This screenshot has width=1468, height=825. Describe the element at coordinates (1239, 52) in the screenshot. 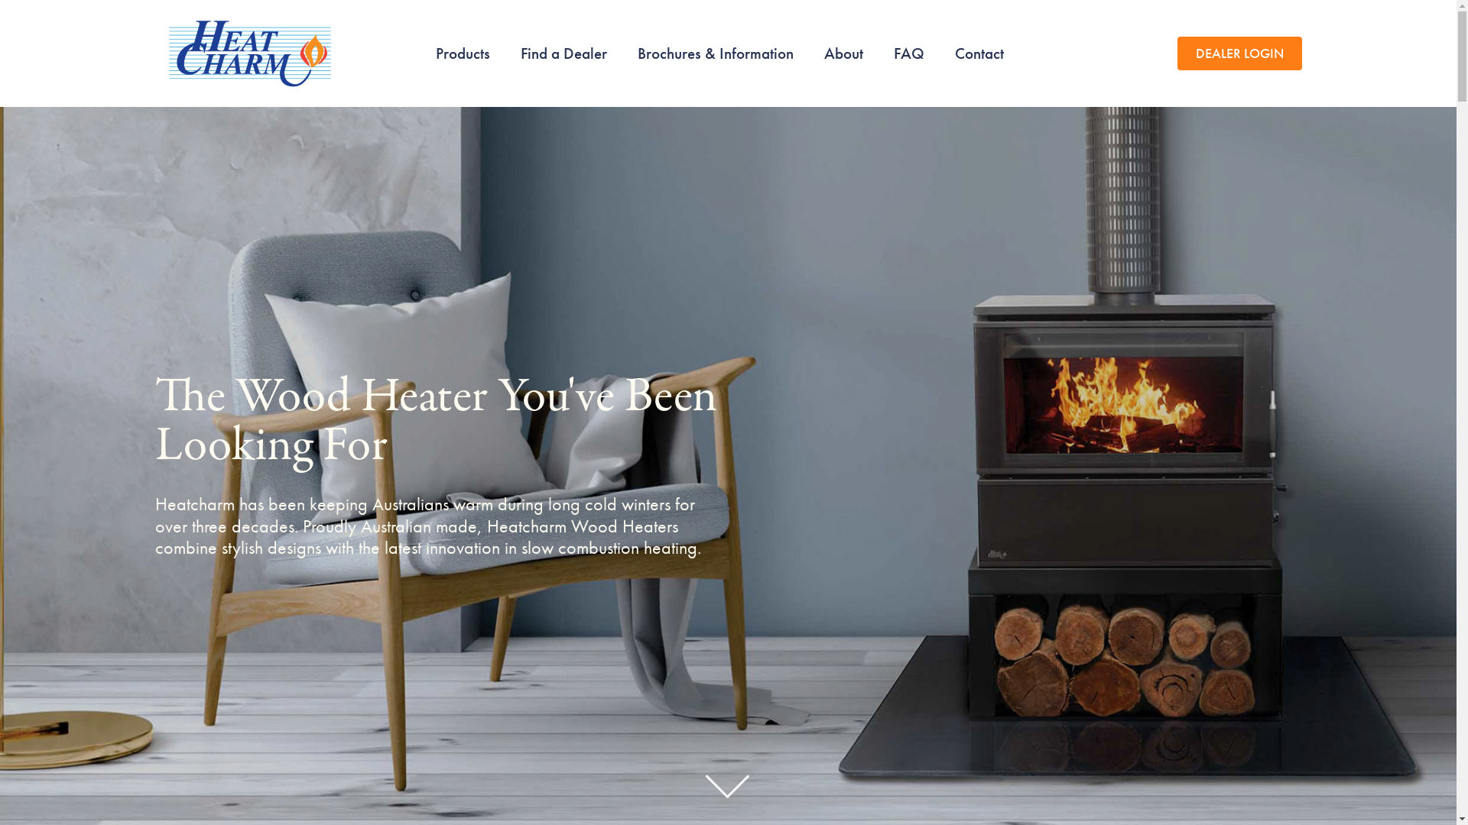

I see `'DEALER LOGIN'` at that location.